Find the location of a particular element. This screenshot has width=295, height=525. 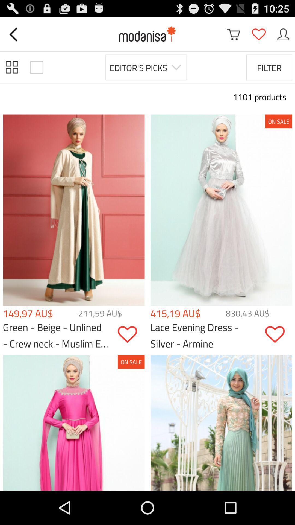

the favorite icon is located at coordinates (258, 36).